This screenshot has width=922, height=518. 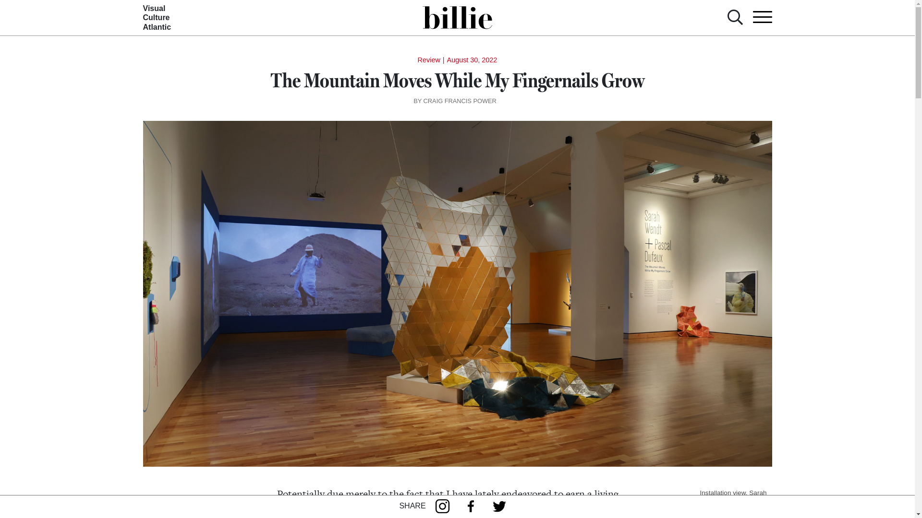 What do you see at coordinates (428, 59) in the screenshot?
I see `'Review'` at bounding box center [428, 59].